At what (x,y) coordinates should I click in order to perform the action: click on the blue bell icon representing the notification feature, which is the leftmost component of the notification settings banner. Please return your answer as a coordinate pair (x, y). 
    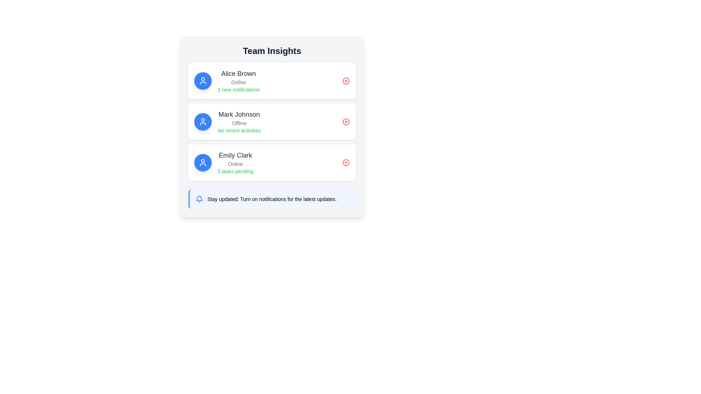
    Looking at the image, I should click on (199, 199).